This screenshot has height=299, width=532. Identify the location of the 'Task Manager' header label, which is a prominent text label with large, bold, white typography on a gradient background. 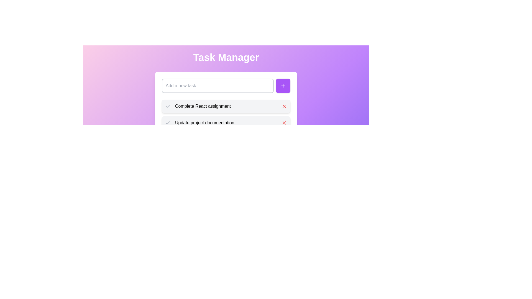
(226, 58).